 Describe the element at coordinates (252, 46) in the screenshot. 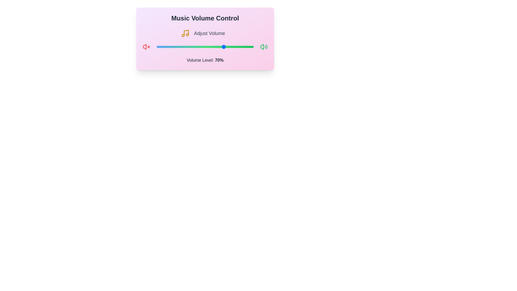

I see `the volume slider to 99%` at that location.